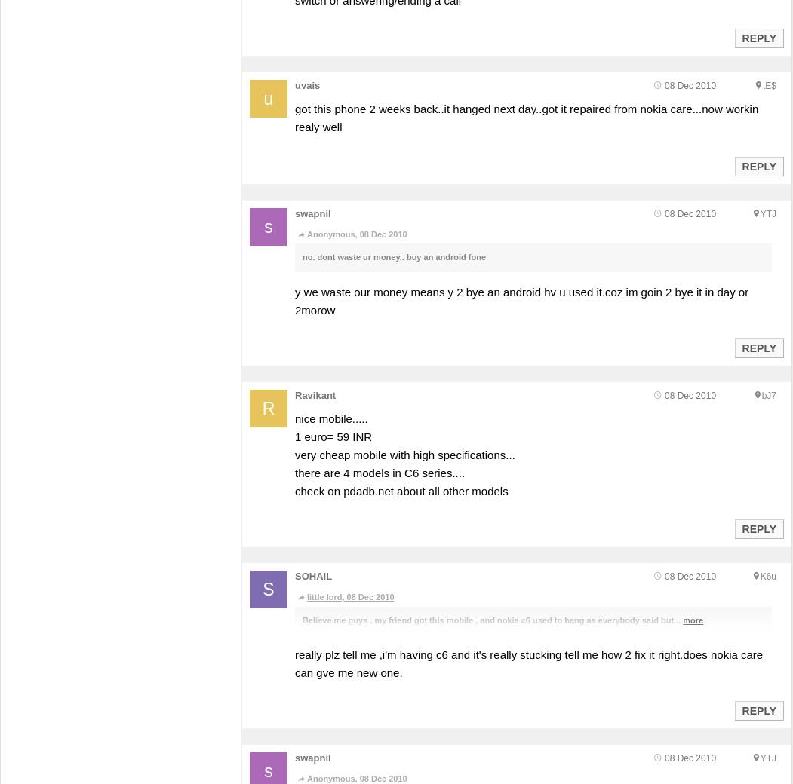 Image resolution: width=793 pixels, height=784 pixels. Describe the element at coordinates (767, 575) in the screenshot. I see `'K6u'` at that location.